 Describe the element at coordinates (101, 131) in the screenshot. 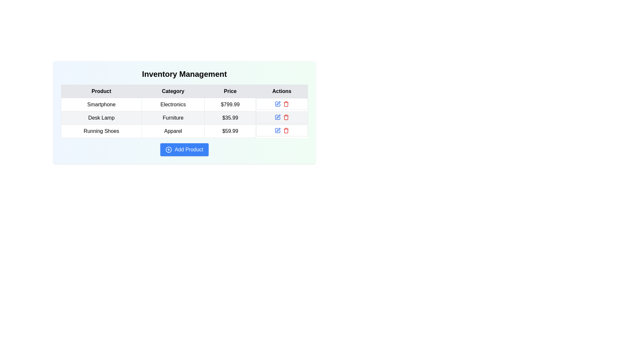

I see `text displayed in the product name cell for 'Running Shoes', which is the first cell under the 'Product' column in the inventory management table` at that location.